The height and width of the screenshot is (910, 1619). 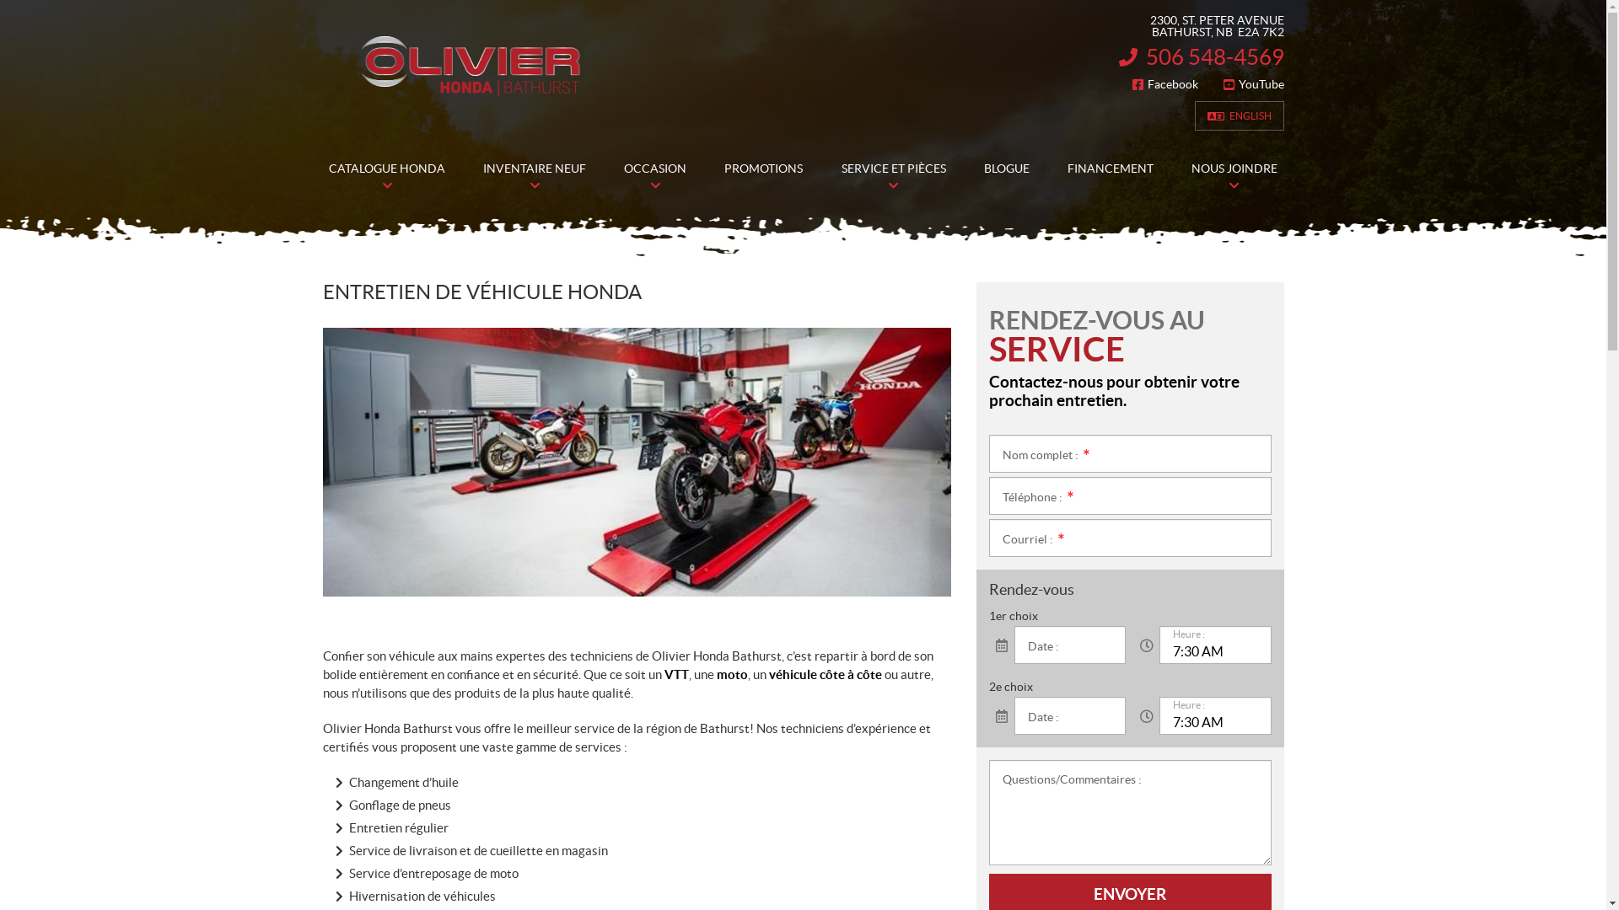 I want to click on 'ENGLISH', so click(x=1193, y=115).